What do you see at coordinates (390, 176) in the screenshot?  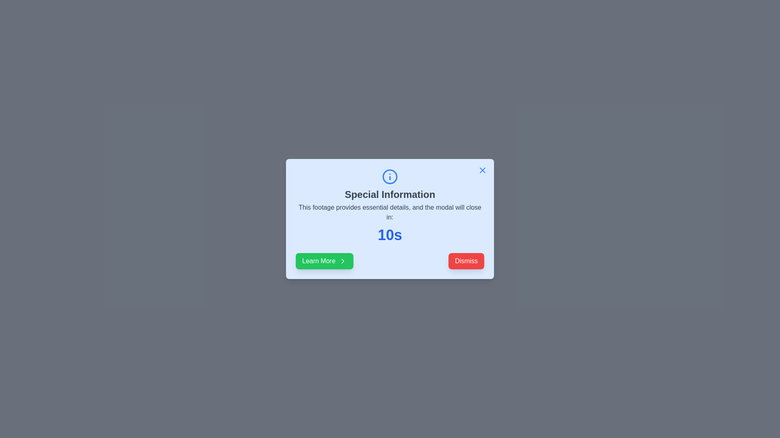 I see `the informational icon graphic (SVG) featuring a blue circle with a lowercase 'i', located at the top of the modal dialog above the title 'Special Information'` at bounding box center [390, 176].